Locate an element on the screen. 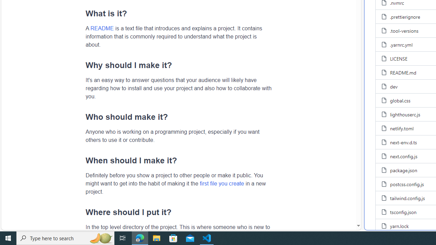 This screenshot has height=245, width=436. 'netlify.toml, (File)' is located at coordinates (402, 128).